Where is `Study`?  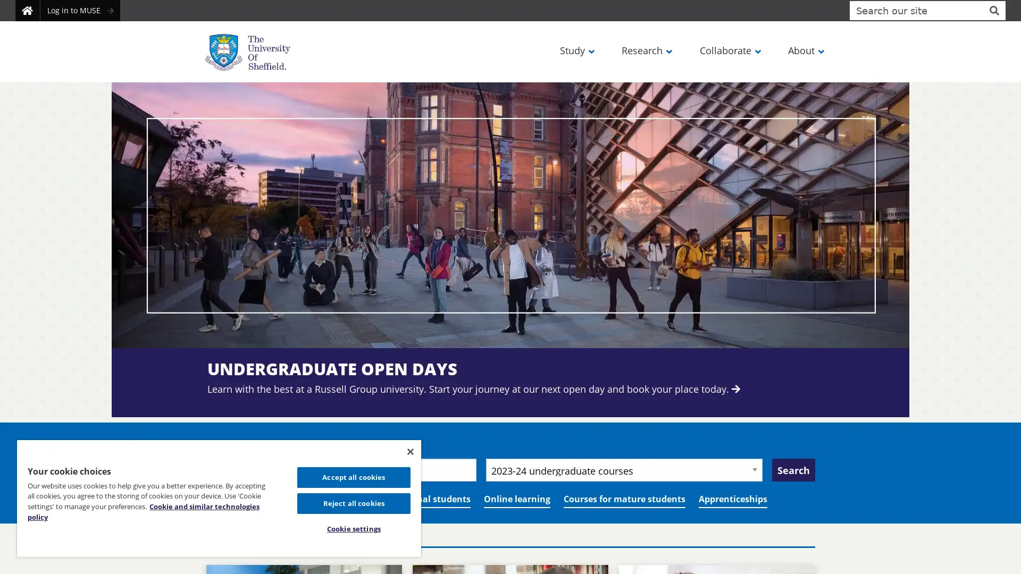 Study is located at coordinates (576, 50).